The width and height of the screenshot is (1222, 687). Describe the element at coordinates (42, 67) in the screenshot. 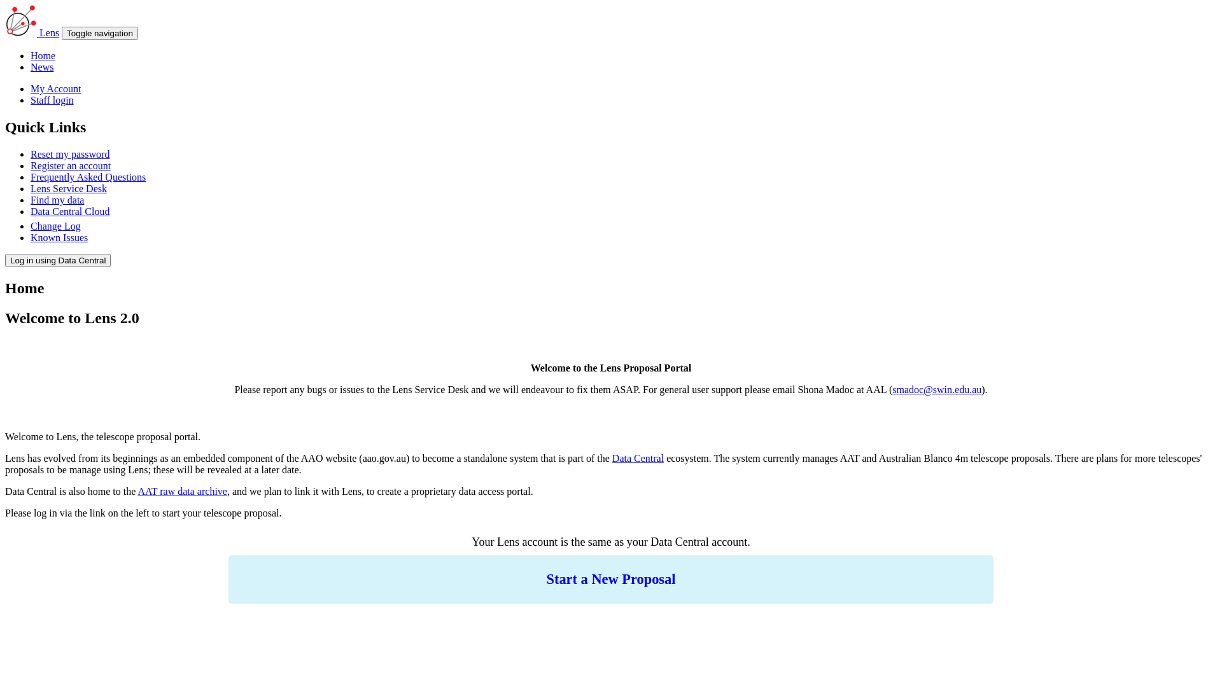

I see `'News'` at that location.